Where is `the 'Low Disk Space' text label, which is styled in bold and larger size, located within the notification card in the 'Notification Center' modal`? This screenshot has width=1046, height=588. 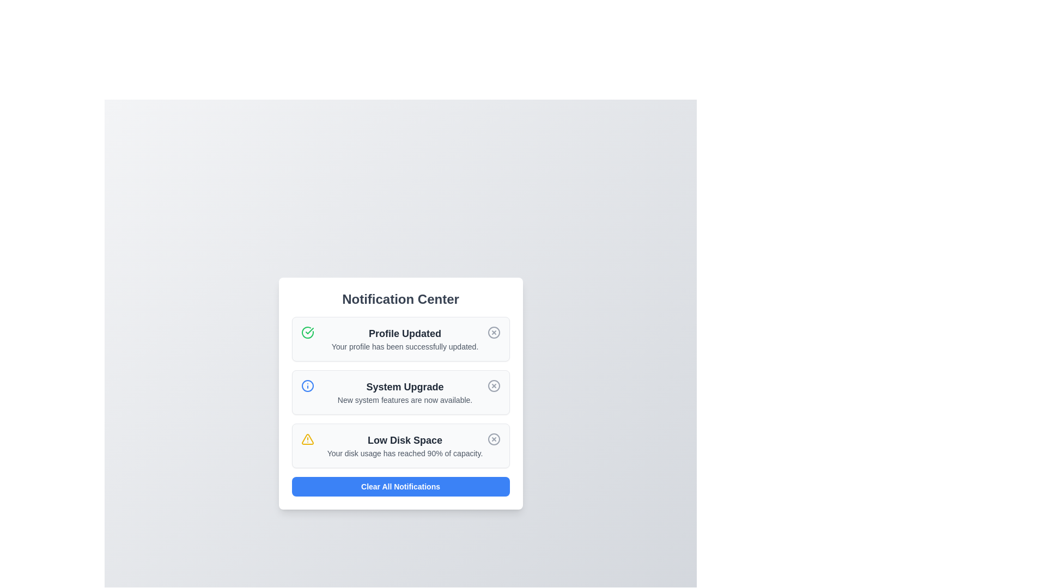
the 'Low Disk Space' text label, which is styled in bold and larger size, located within the notification card in the 'Notification Center' modal is located at coordinates (404, 440).